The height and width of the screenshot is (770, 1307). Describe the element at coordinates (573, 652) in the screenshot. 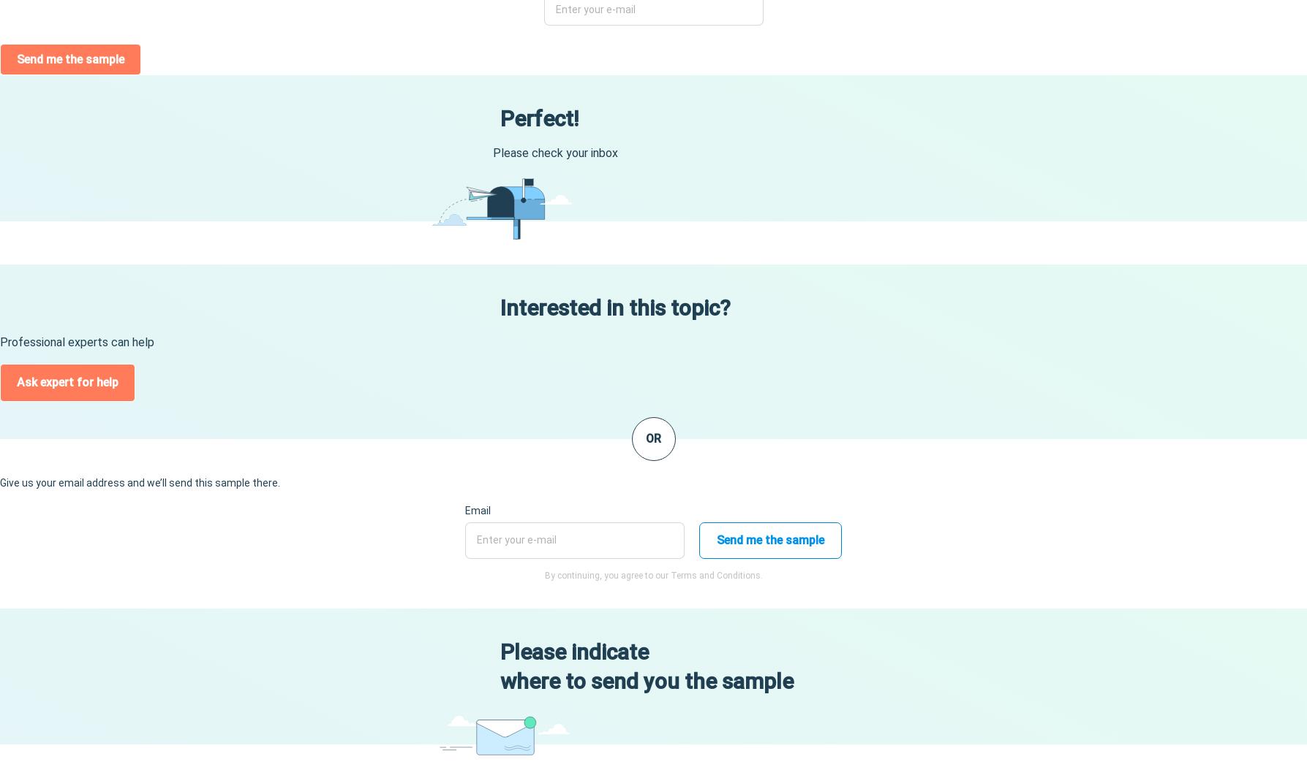

I see `'Please indicate'` at that location.